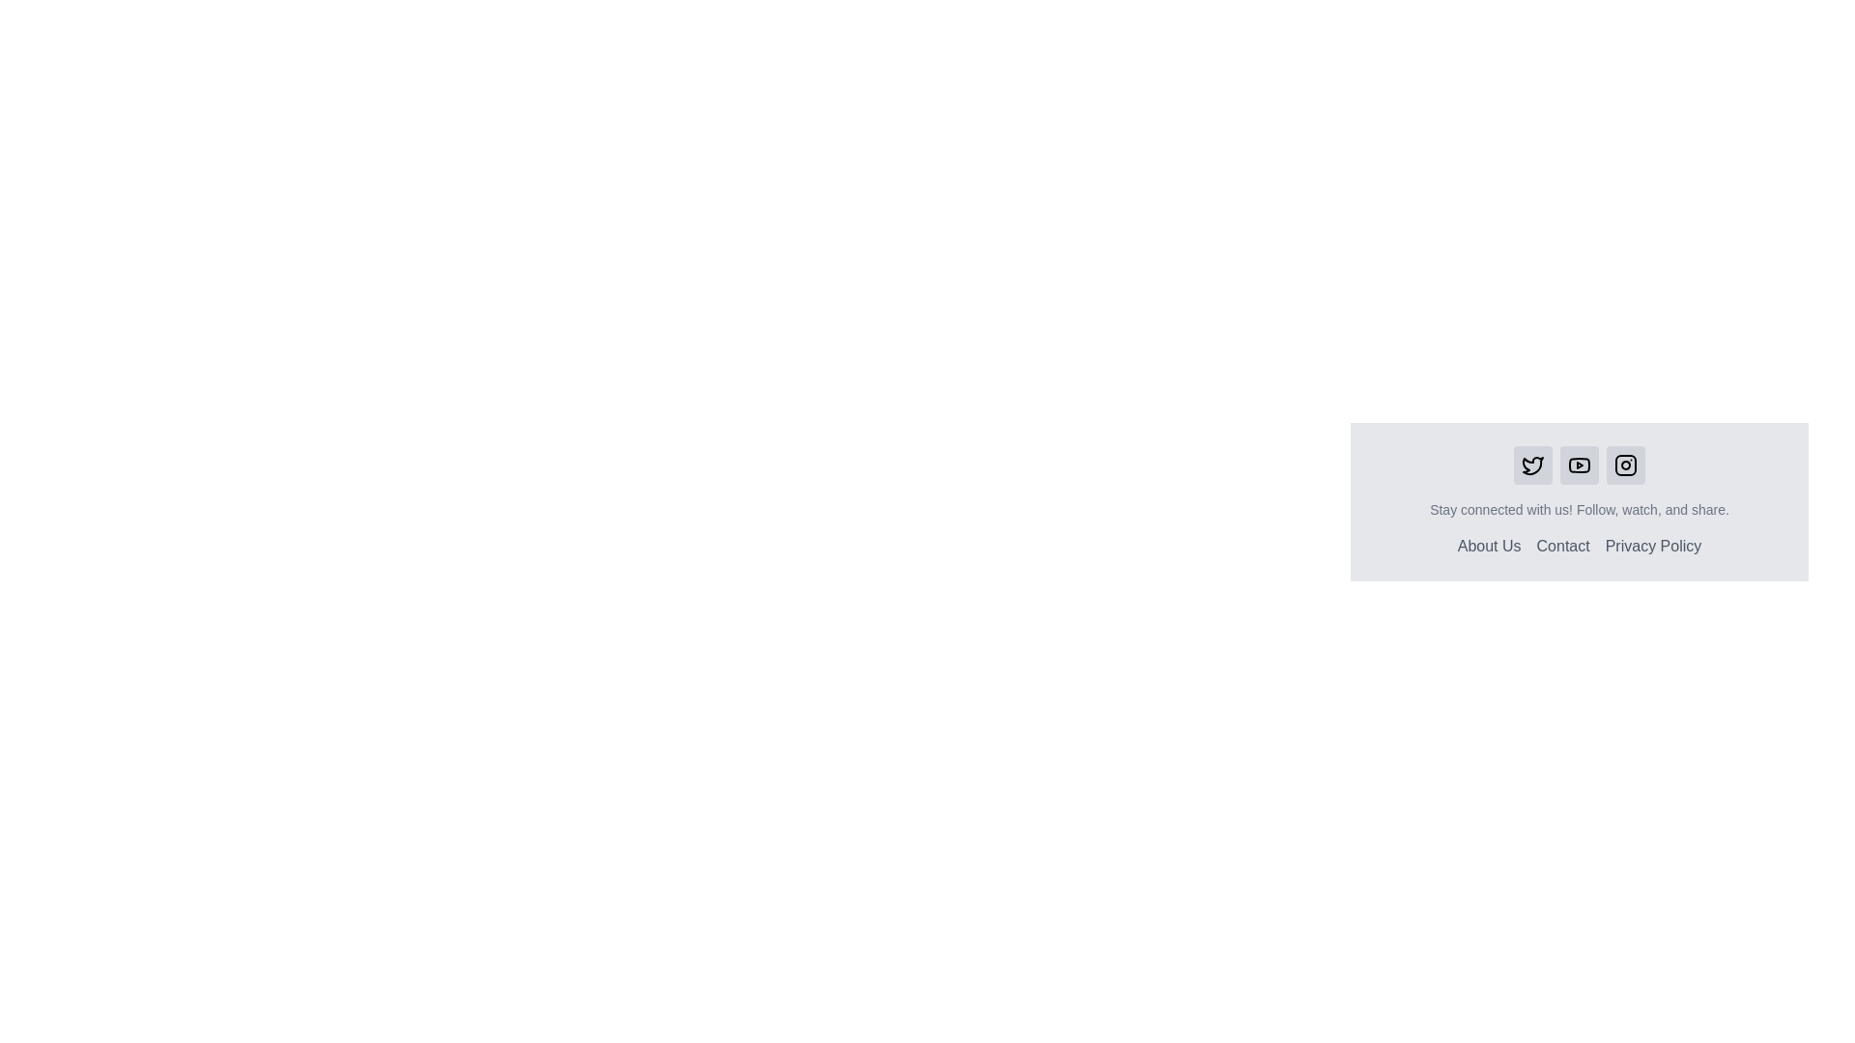  I want to click on the Instagram button located at the far right of a horizontal group of three buttons, positioned near the bottom-right corner of the page, so click(1625, 465).